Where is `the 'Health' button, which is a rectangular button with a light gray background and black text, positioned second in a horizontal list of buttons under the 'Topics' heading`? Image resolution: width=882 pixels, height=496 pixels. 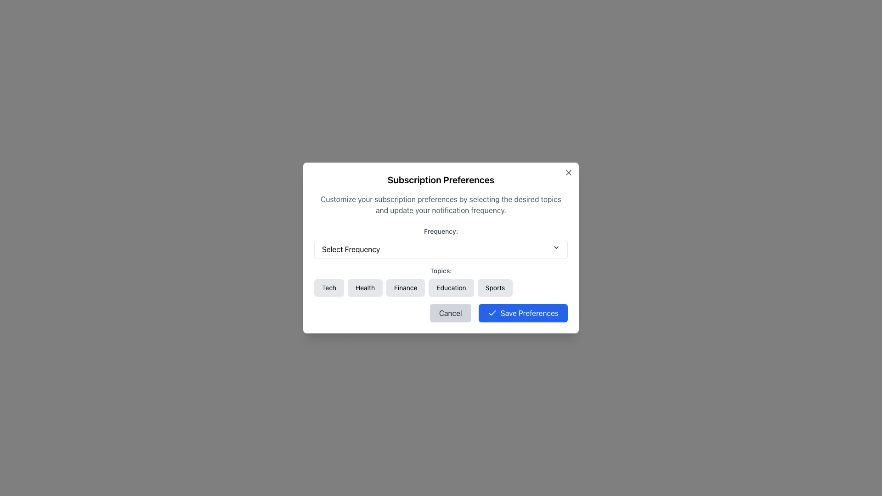
the 'Health' button, which is a rectangular button with a light gray background and black text, positioned second in a horizontal list of buttons under the 'Topics' heading is located at coordinates (365, 287).